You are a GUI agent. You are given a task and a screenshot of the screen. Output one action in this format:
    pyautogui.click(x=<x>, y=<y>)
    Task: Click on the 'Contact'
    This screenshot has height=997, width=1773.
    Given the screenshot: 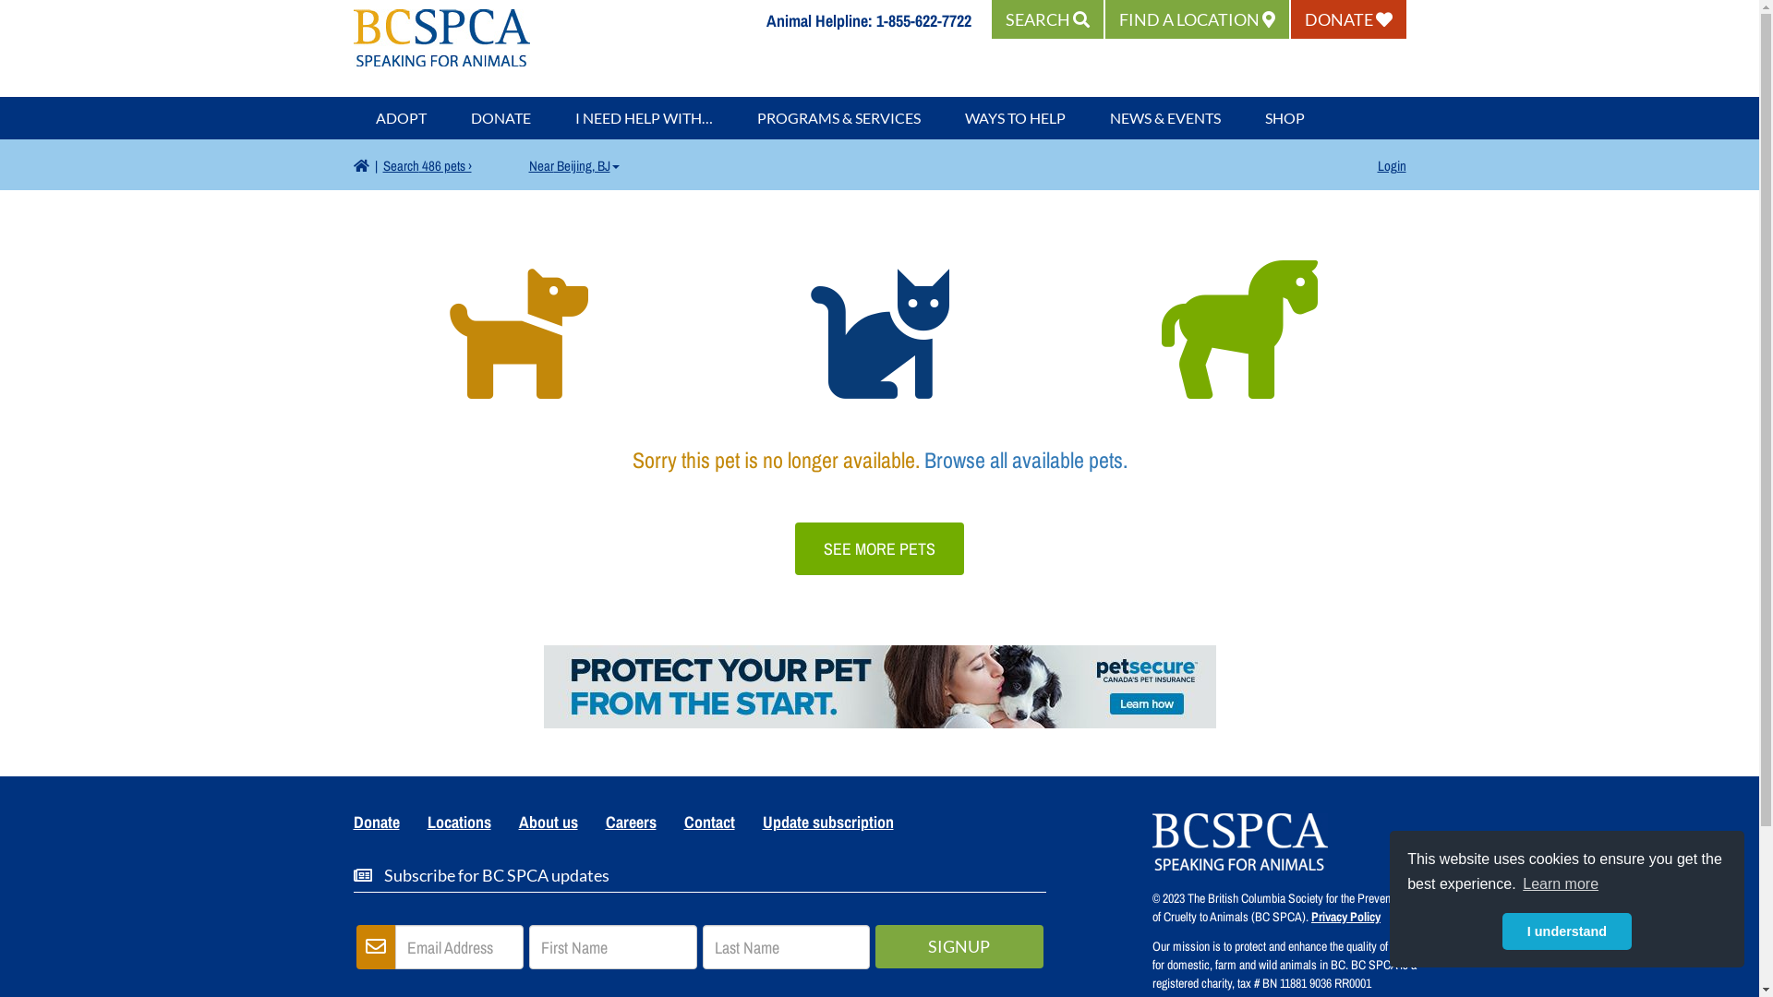 What is the action you would take?
    pyautogui.click(x=708, y=823)
    